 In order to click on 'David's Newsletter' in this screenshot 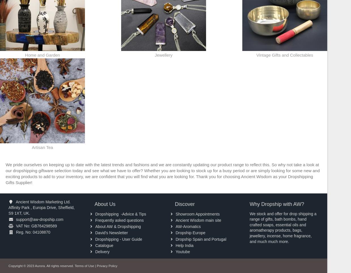, I will do `click(111, 233)`.